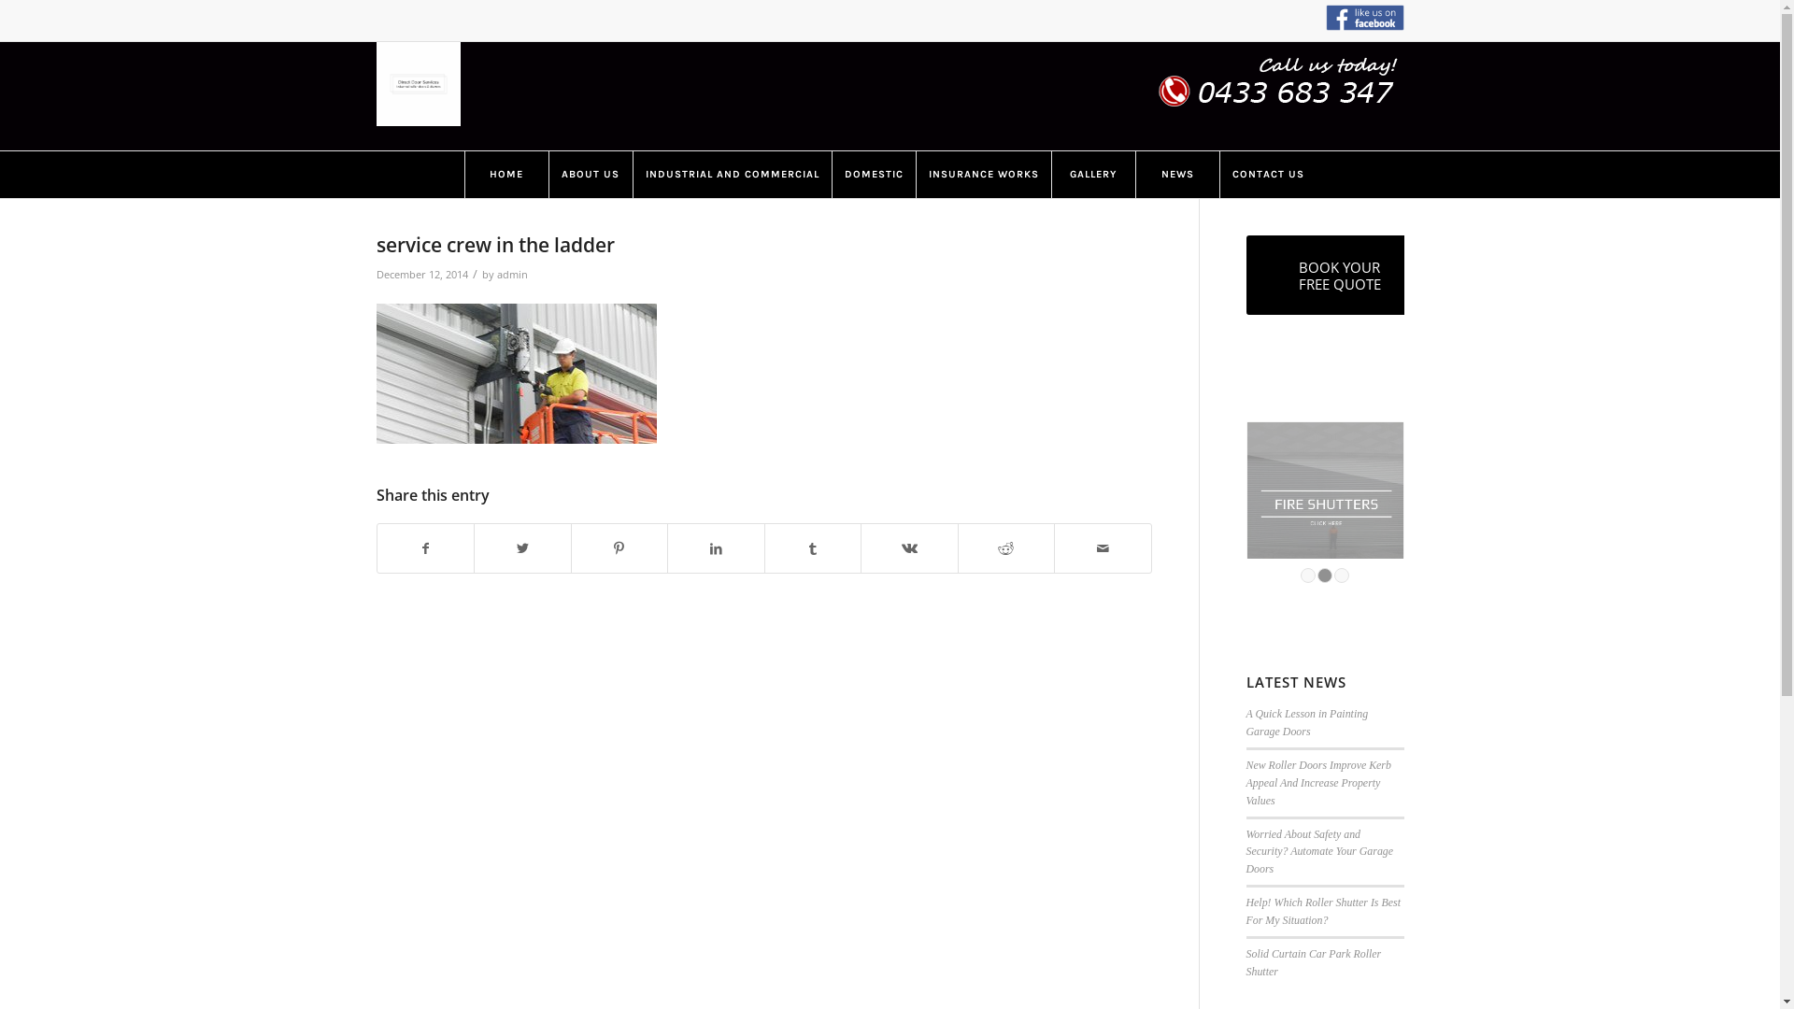 Image resolution: width=1794 pixels, height=1009 pixels. I want to click on 'admin', so click(497, 274).